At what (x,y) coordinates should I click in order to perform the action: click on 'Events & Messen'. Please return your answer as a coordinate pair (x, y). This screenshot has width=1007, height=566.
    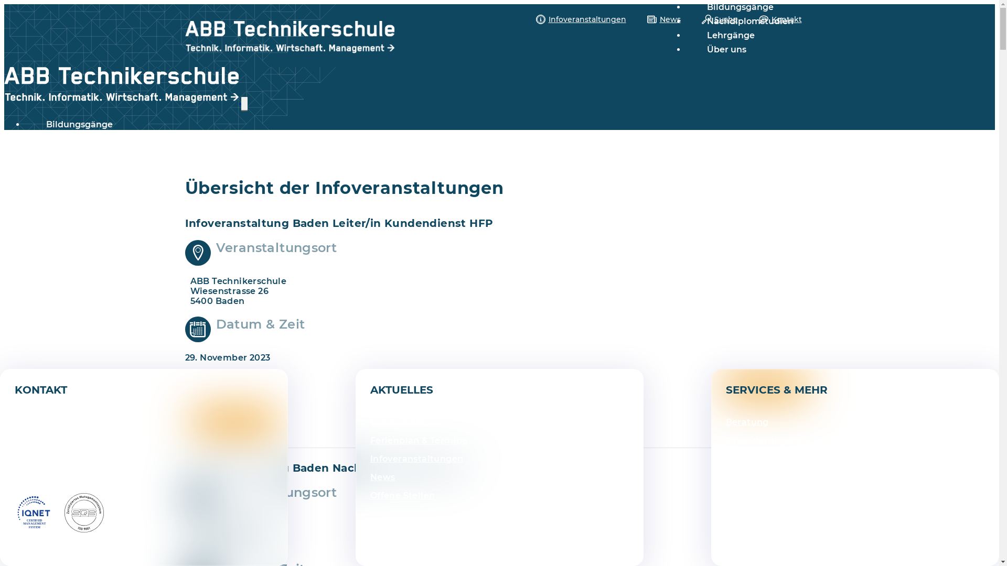
    Looking at the image, I should click on (407, 421).